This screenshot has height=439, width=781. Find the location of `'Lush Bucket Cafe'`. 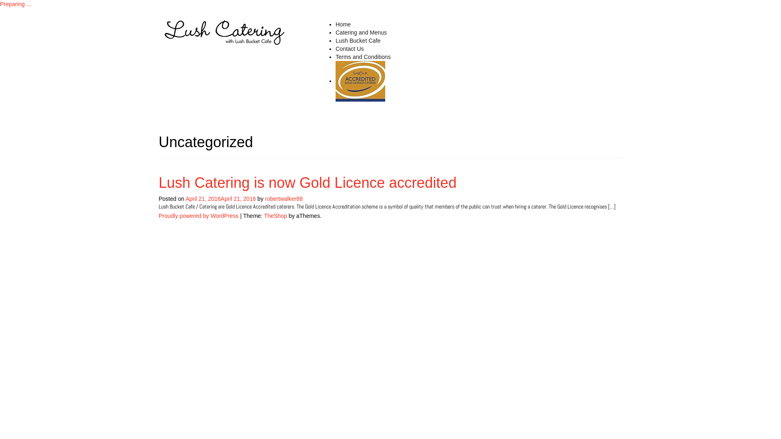

'Lush Bucket Cafe' is located at coordinates (358, 41).